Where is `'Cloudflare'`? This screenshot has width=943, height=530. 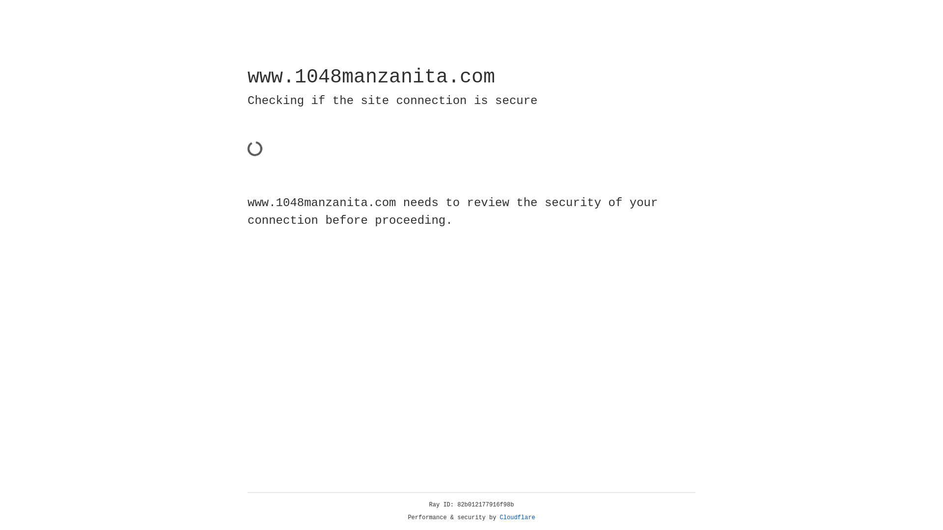
'Cloudflare' is located at coordinates (517, 517).